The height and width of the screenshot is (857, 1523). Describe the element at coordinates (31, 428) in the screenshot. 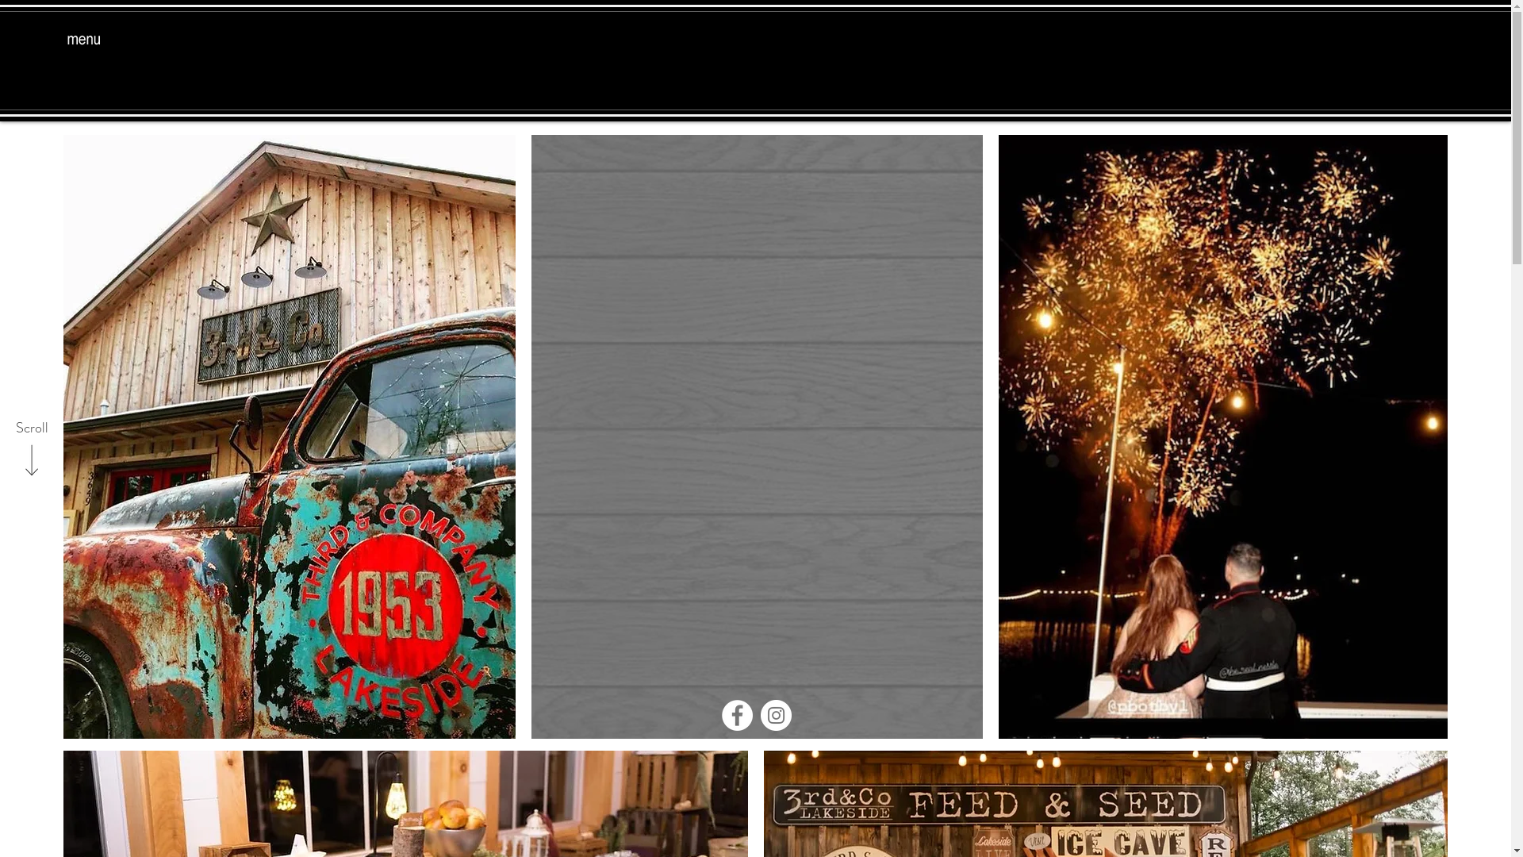

I see `'Scroll'` at that location.